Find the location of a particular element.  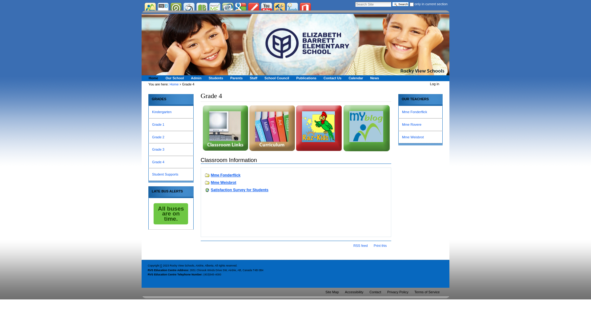

'YouTube' is located at coordinates (266, 8).